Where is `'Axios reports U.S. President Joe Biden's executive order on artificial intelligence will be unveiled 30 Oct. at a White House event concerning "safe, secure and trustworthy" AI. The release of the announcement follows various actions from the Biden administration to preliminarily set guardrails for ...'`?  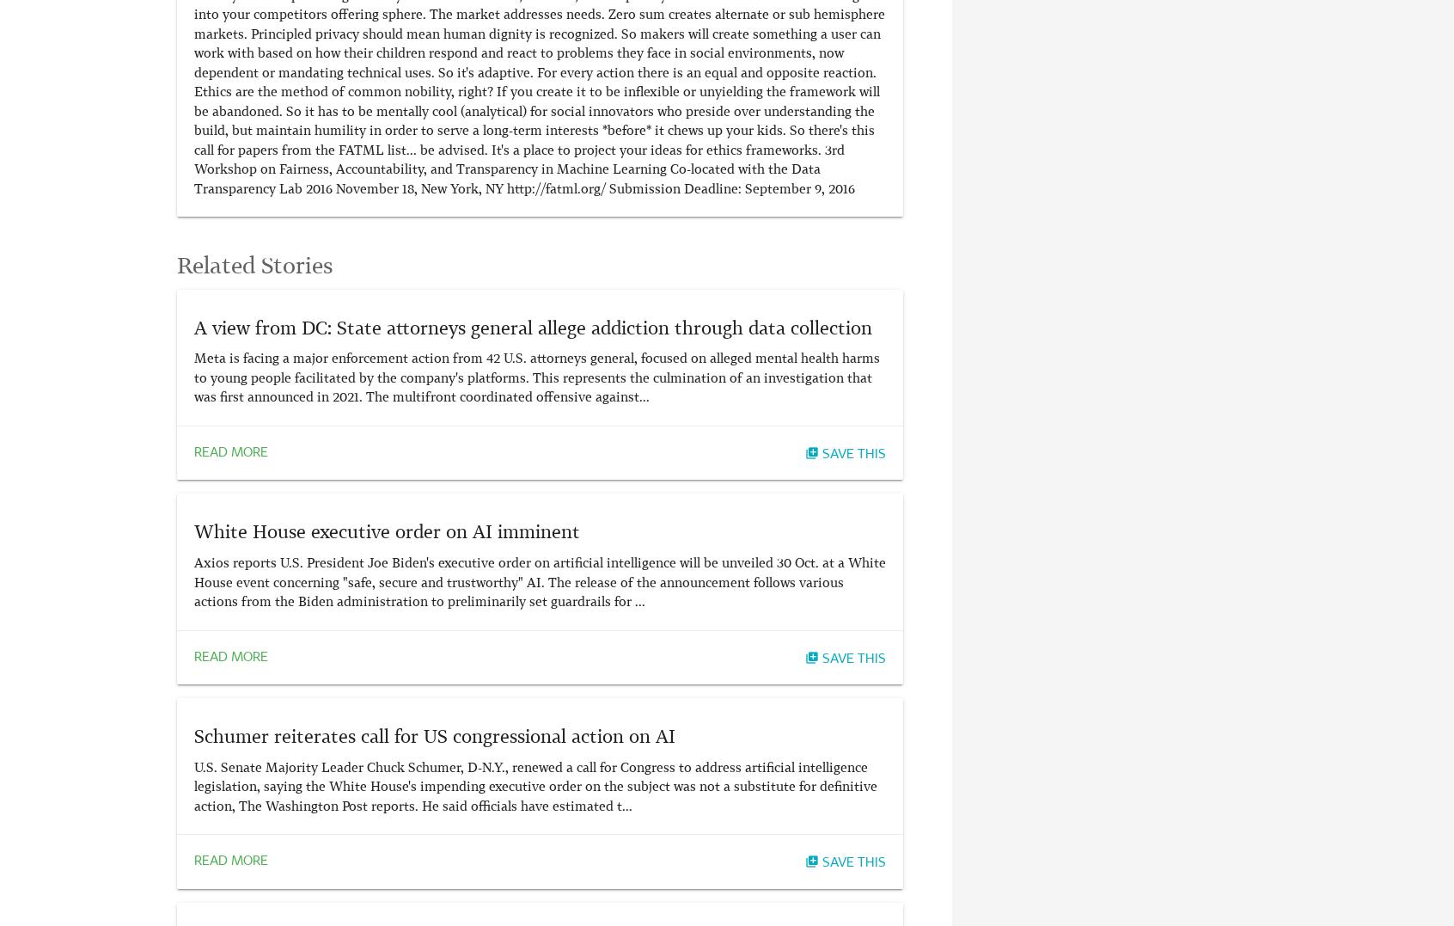 'Axios reports U.S. President Joe Biden's executive order on artificial intelligence will be unveiled 30 Oct. at a White House event concerning "safe, secure and trustworthy" AI. The release of the announcement follows various actions from the Biden administration to preliminarily set guardrails for ...' is located at coordinates (194, 581).